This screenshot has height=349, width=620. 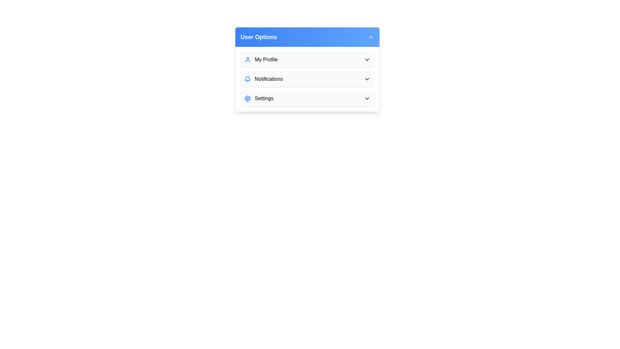 I want to click on the text label that serves as a title for the dropdown menu of user-related options, located at the top-left corner of a blue gradient bar, so click(x=259, y=37).